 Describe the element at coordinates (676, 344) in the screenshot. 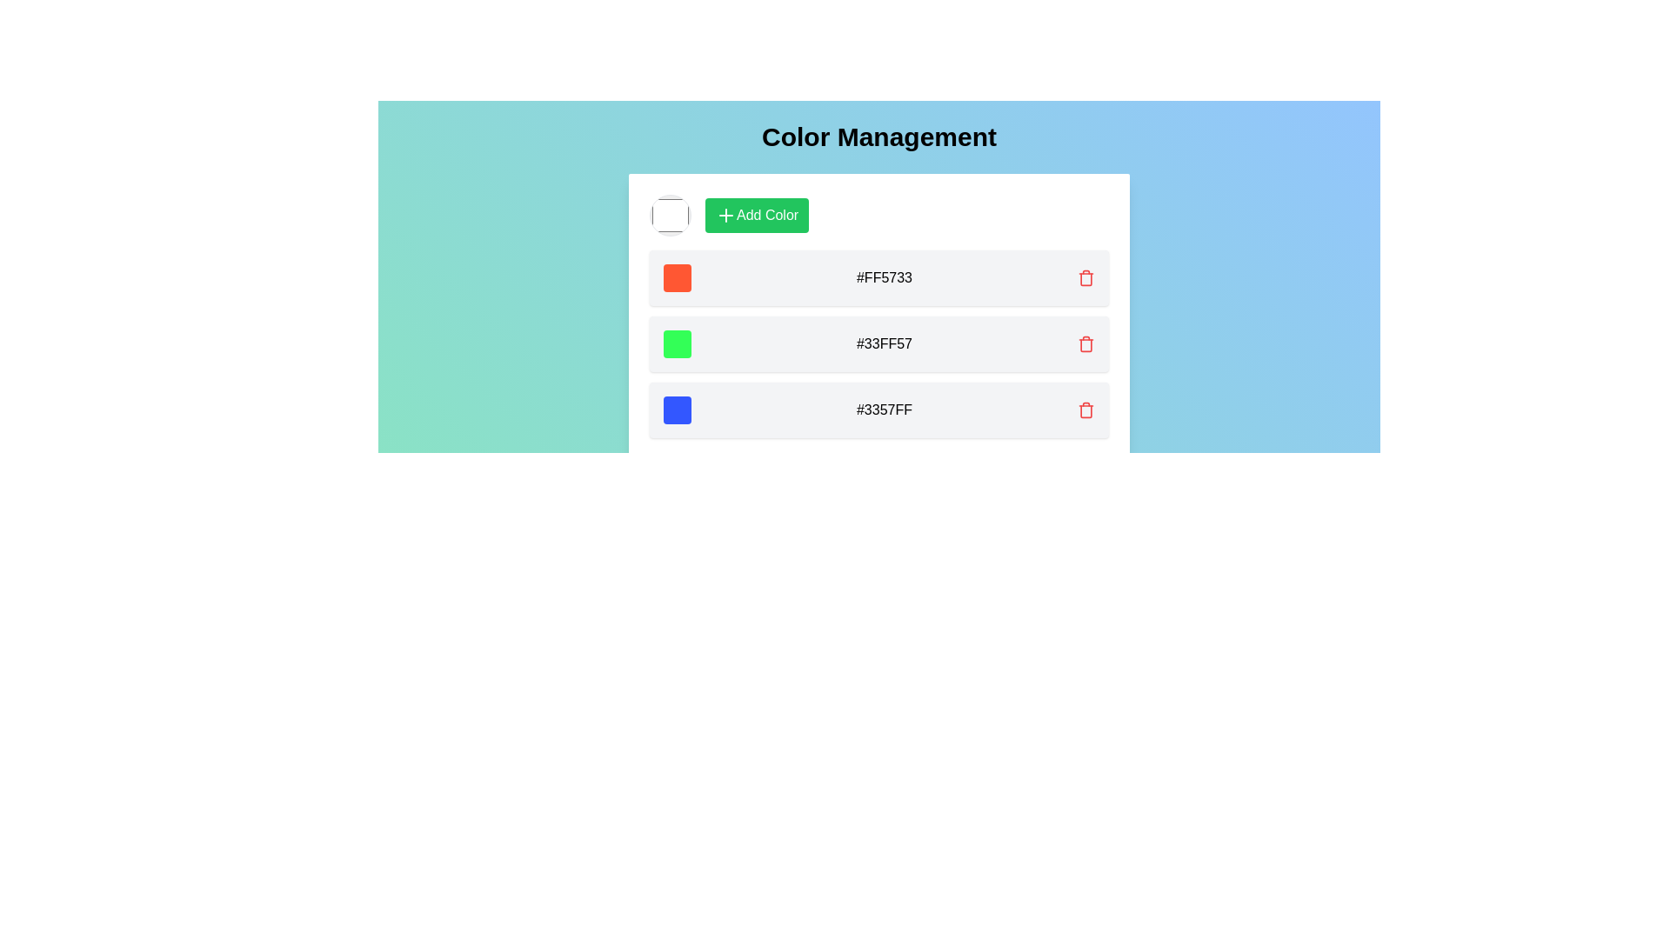

I see `the second green color box with rounded corners in the 'Color Management' section, which has an RGB color of #33FF57` at that location.